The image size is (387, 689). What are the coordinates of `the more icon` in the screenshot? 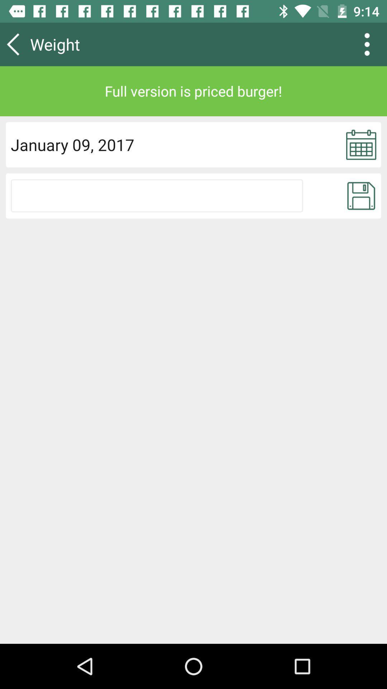 It's located at (369, 44).